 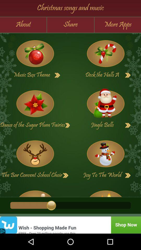 I want to click on song, so click(x=57, y=75).